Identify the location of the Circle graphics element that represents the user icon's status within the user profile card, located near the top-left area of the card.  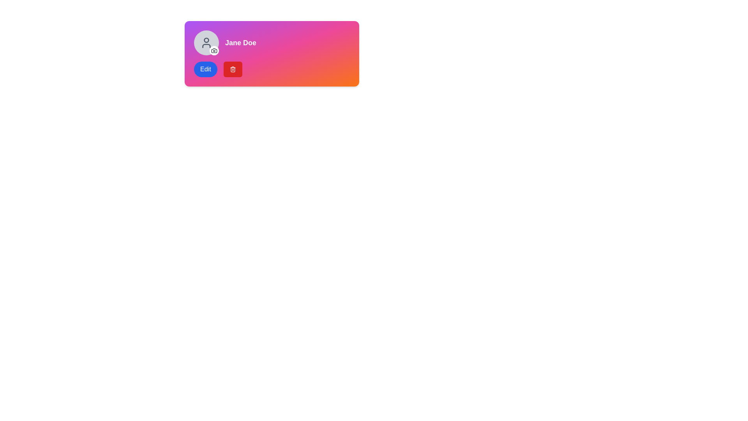
(206, 40).